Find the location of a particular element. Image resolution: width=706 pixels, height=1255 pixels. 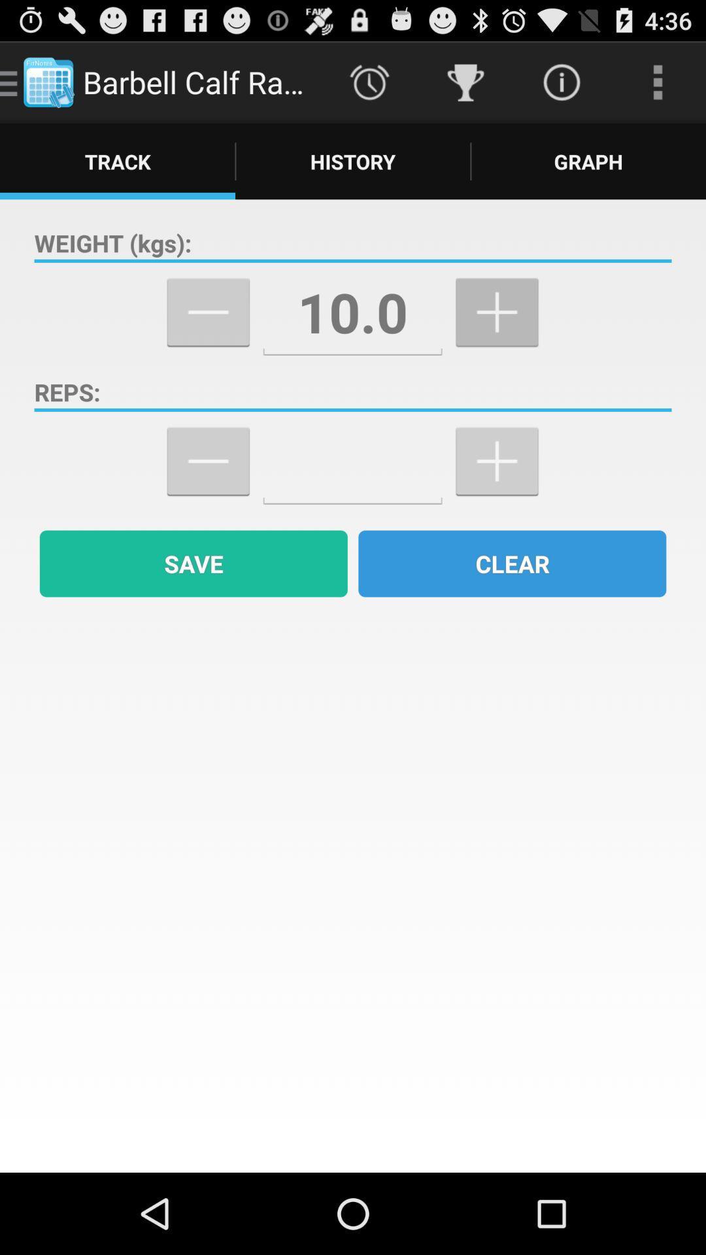

the minus icon is located at coordinates (207, 334).